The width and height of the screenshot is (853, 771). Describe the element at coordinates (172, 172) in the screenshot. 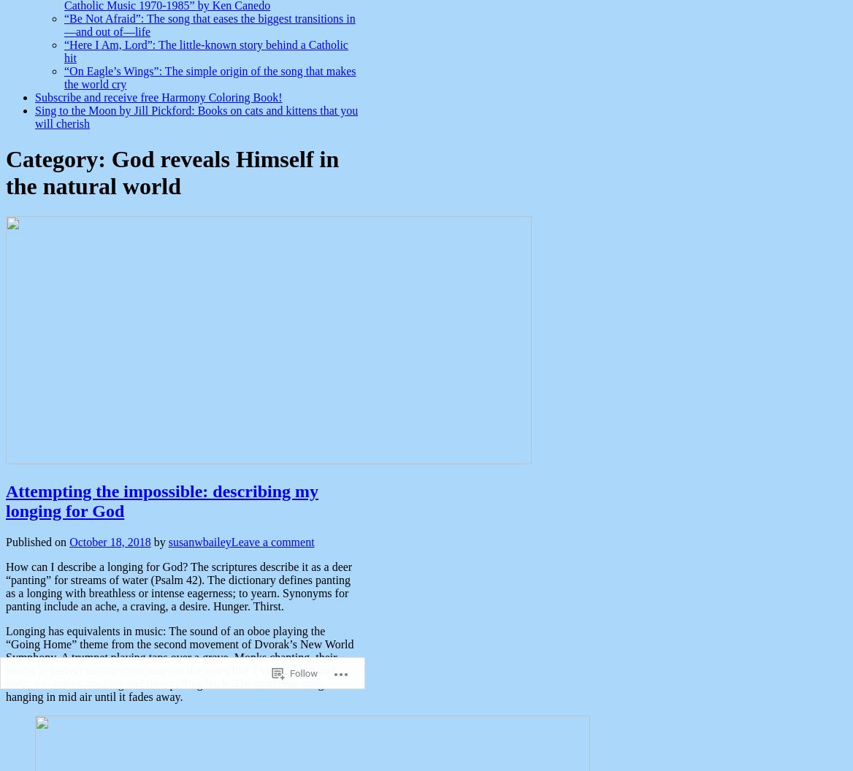

I see `'God reveals Himself in the natural world'` at that location.